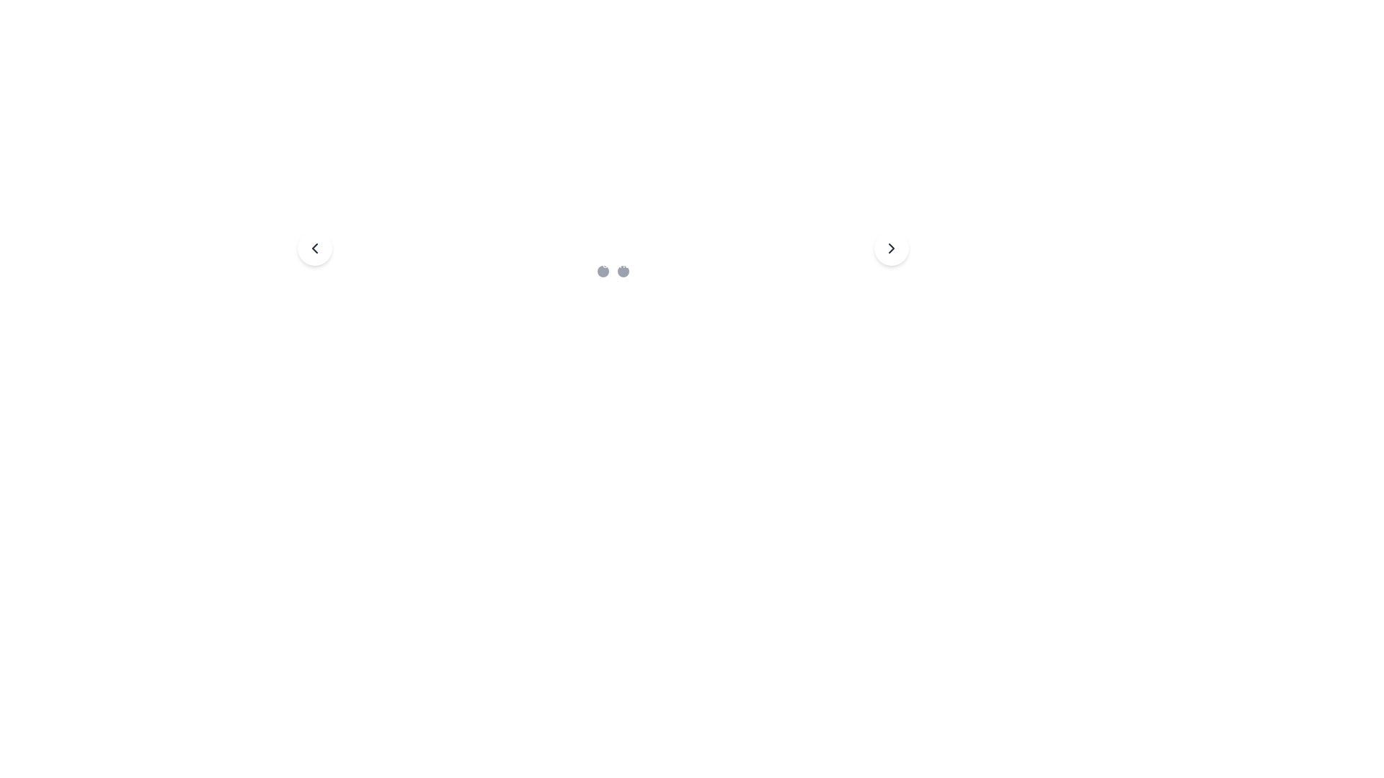 Image resolution: width=1384 pixels, height=778 pixels. What do you see at coordinates (890, 247) in the screenshot?
I see `the right-arrow chevron icon` at bounding box center [890, 247].